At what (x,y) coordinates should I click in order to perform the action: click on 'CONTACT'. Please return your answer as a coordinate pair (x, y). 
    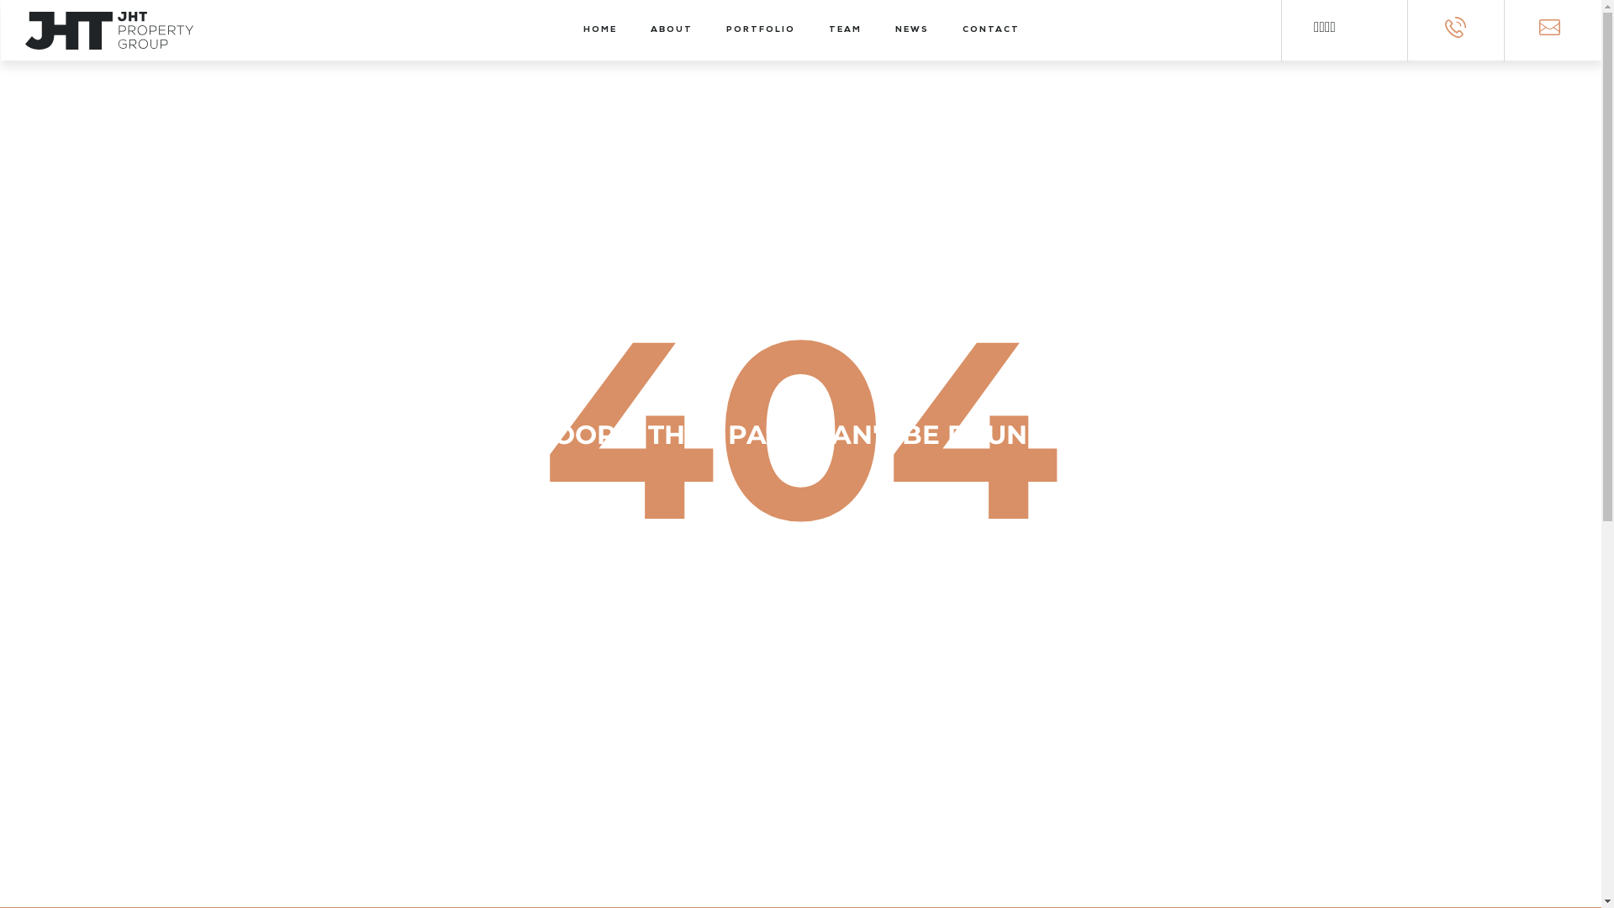
    Looking at the image, I should click on (991, 29).